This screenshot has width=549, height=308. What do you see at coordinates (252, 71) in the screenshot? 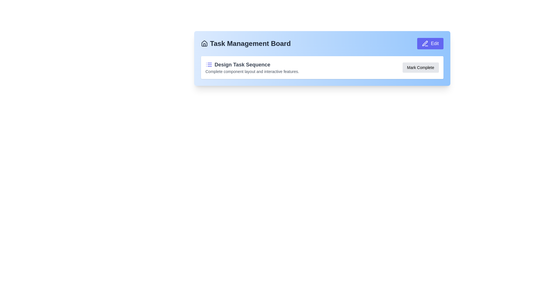
I see `the static text label that provides a descriptive detail for the task labeled 'Design Task Sequence', located below this task within the 'Task Management Board'` at bounding box center [252, 71].